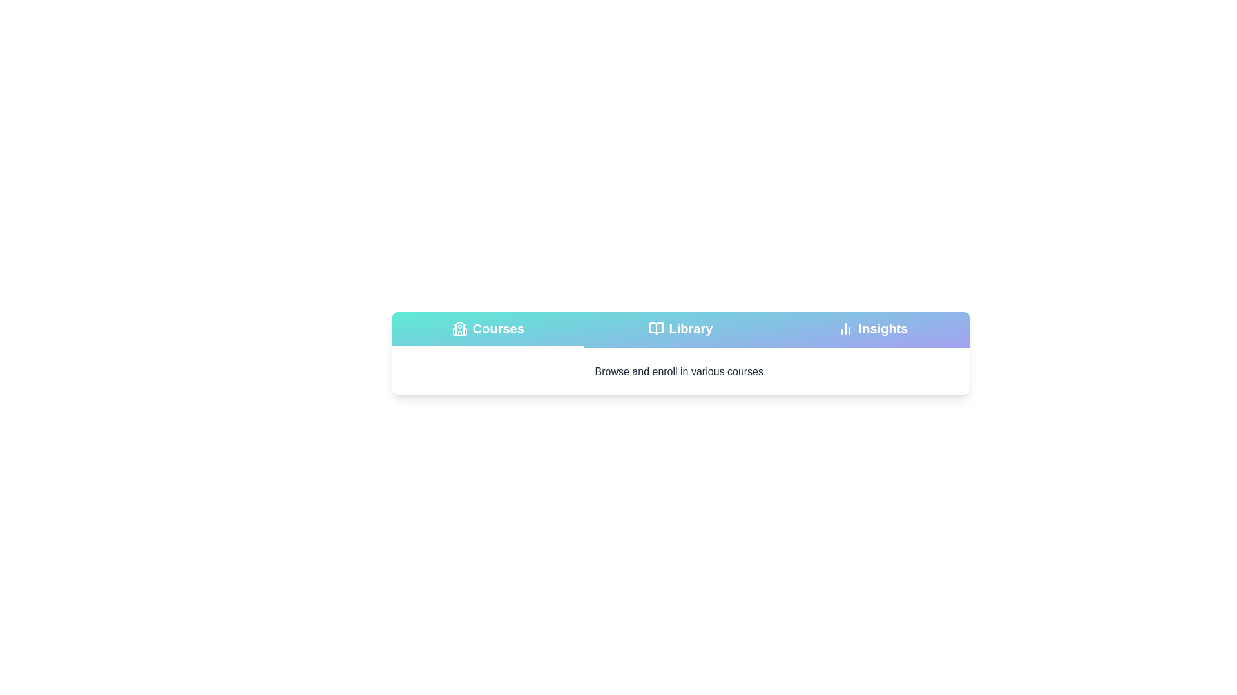 The image size is (1237, 695). Describe the element at coordinates (656, 328) in the screenshot. I see `the tab icon for Library` at that location.